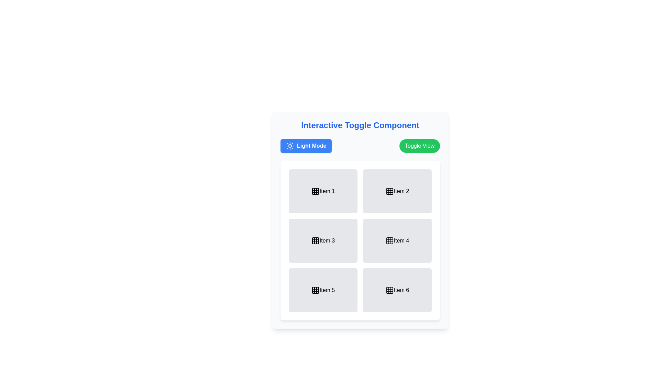 This screenshot has height=371, width=660. I want to click on the grid layout icon located in the second row and first column of the 2x3 grid within the 'Item 3' section, so click(315, 240).